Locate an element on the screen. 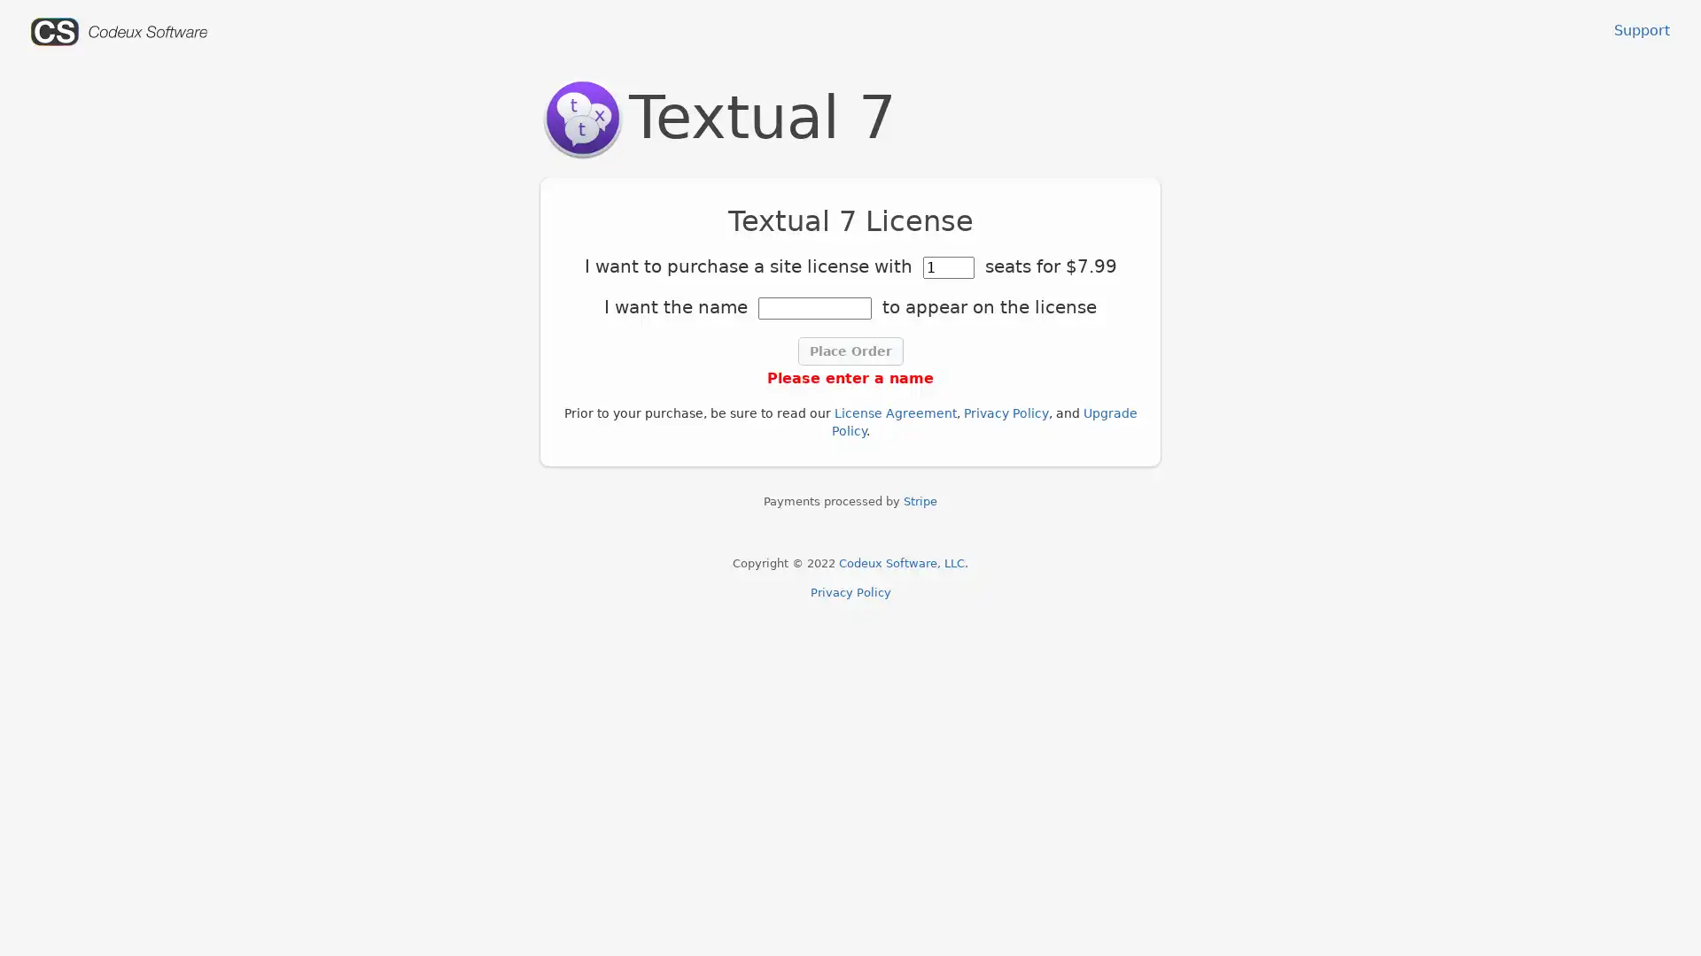  Place Order is located at coordinates (849, 351).